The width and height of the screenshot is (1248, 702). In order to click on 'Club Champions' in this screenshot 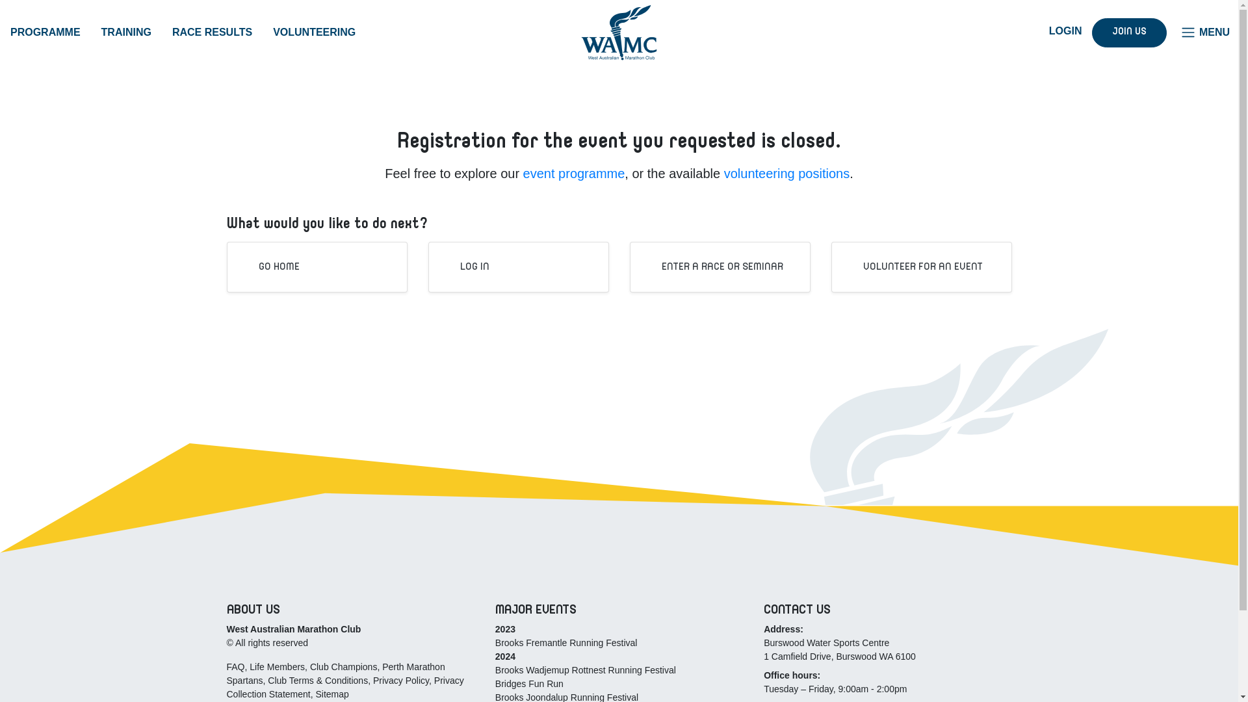, I will do `click(343, 667)`.